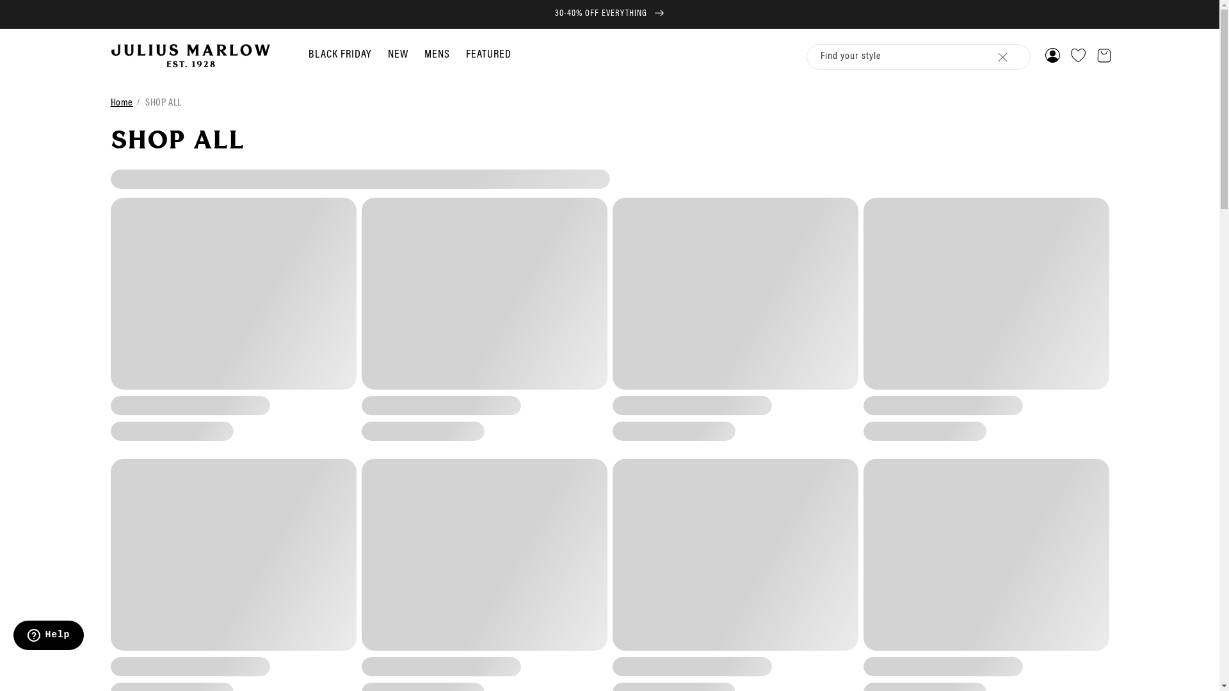 This screenshot has height=691, width=1229. I want to click on 'MENS', so click(424, 54).